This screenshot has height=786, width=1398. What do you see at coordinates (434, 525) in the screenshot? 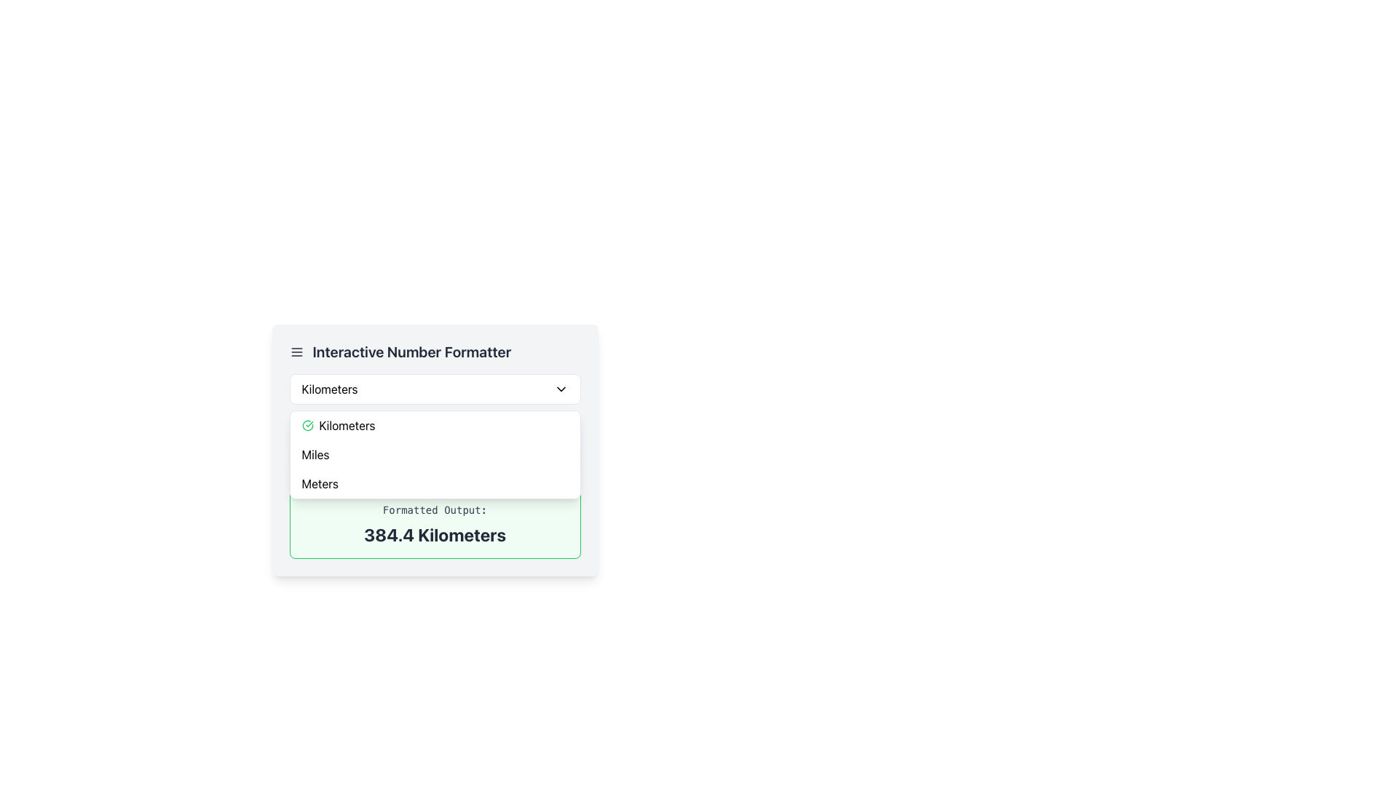
I see `displayed text '384.4 Kilometers' from the Output Display Section located at the lower portion of the 'Interactive Number Formatter' card` at bounding box center [434, 525].